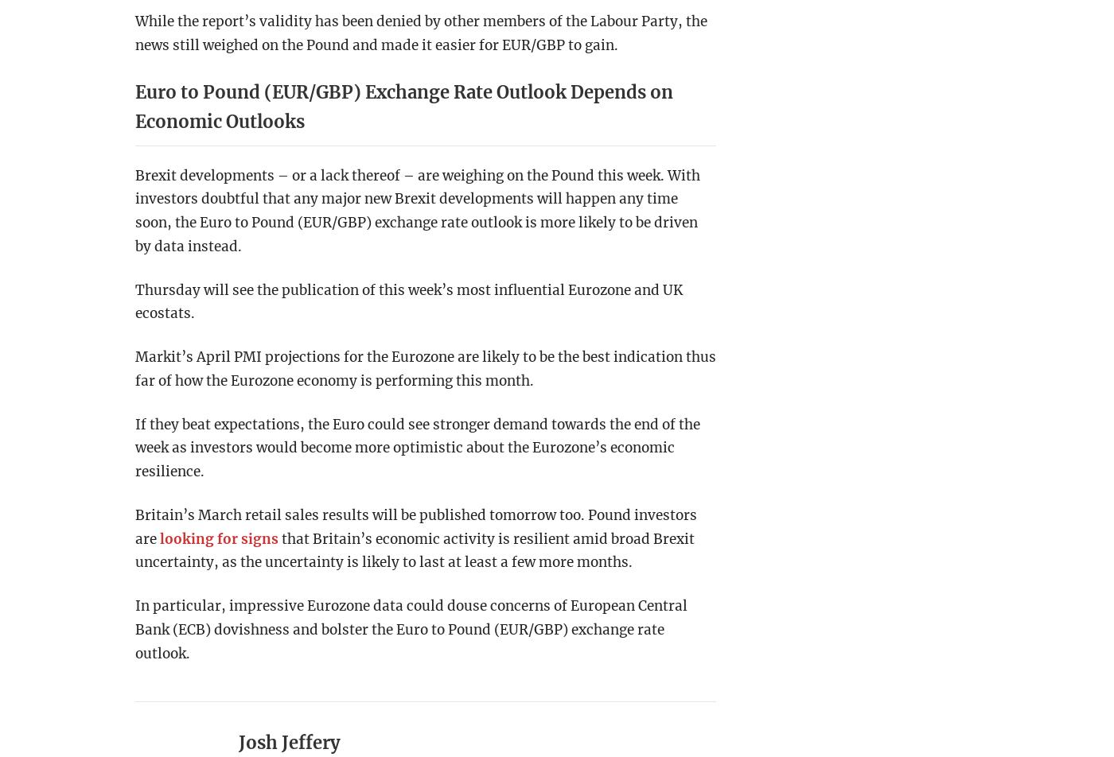 Image resolution: width=1114 pixels, height=757 pixels. I want to click on 'Markit’s April PMI projections for the Eurozone are likely to be the best indication thus far of how the Eurozone economy is performing this month.', so click(134, 368).